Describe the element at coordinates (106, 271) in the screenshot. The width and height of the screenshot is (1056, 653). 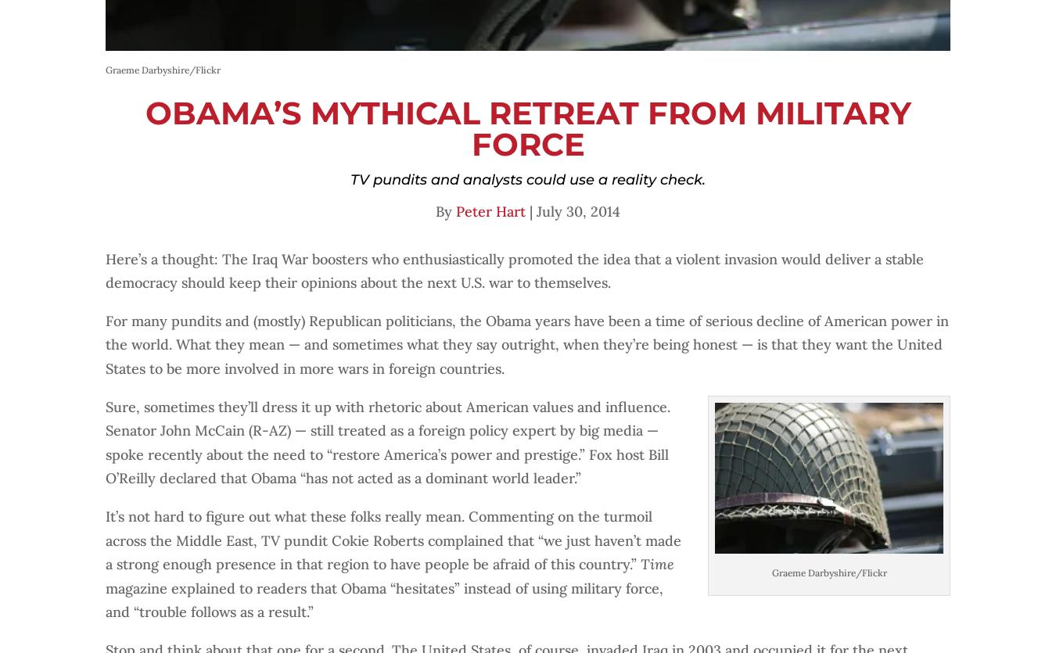
I see `'Here’s a thought: The Iraq War boosters who enthusiastically promoted the idea that a violent invasion would deliver a stable democracy should keep their opinions about the next U.S. war to themselves.'` at that location.